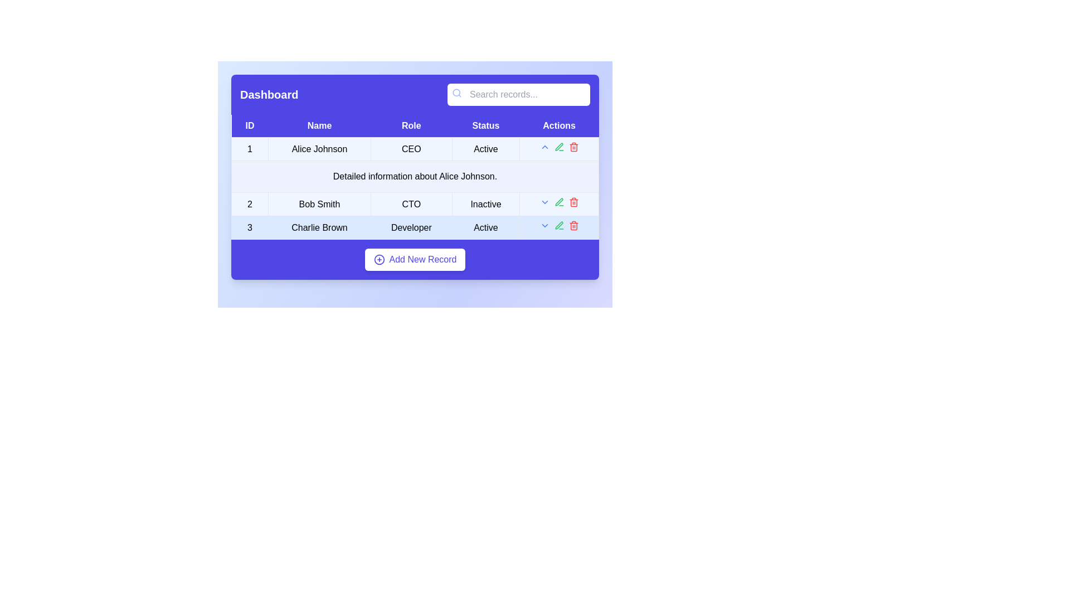  Describe the element at coordinates (269, 94) in the screenshot. I see `the bold title labeled 'Dashboard', which is styled with a large white font on a blue background, located at the top left of the header section` at that location.